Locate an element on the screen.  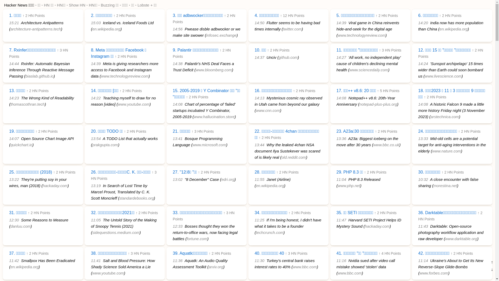
'14:13' is located at coordinates (259, 98).